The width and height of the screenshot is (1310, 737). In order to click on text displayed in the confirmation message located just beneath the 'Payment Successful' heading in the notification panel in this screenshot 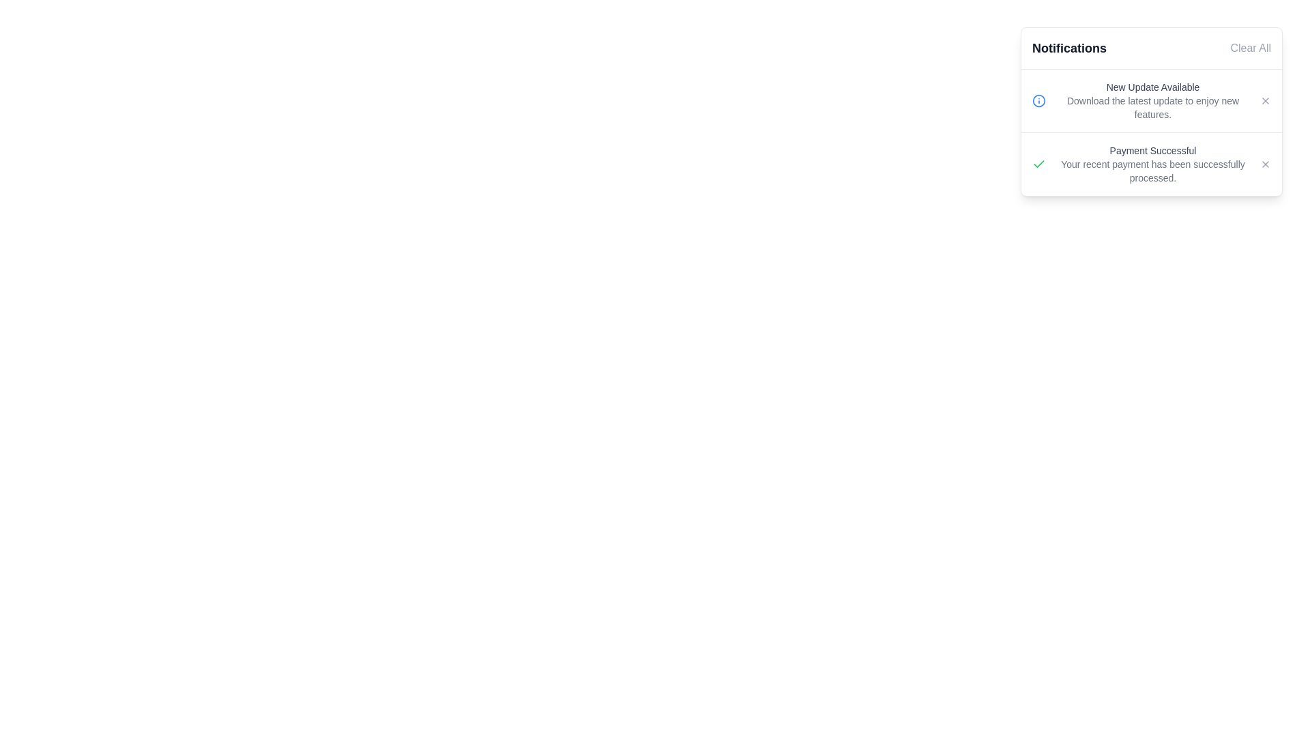, I will do `click(1152, 170)`.